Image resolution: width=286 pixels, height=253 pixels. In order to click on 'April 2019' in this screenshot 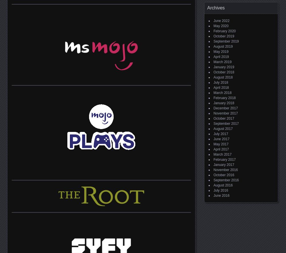, I will do `click(213, 57)`.